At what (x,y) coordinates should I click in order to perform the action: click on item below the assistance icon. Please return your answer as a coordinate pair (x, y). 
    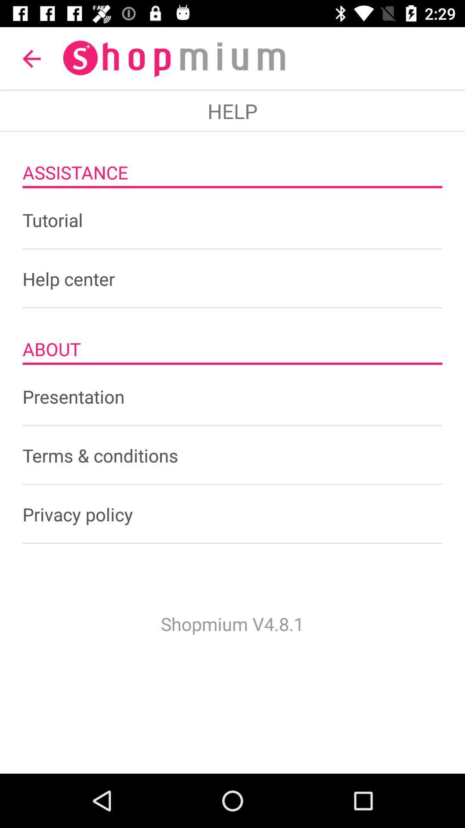
    Looking at the image, I should click on (232, 220).